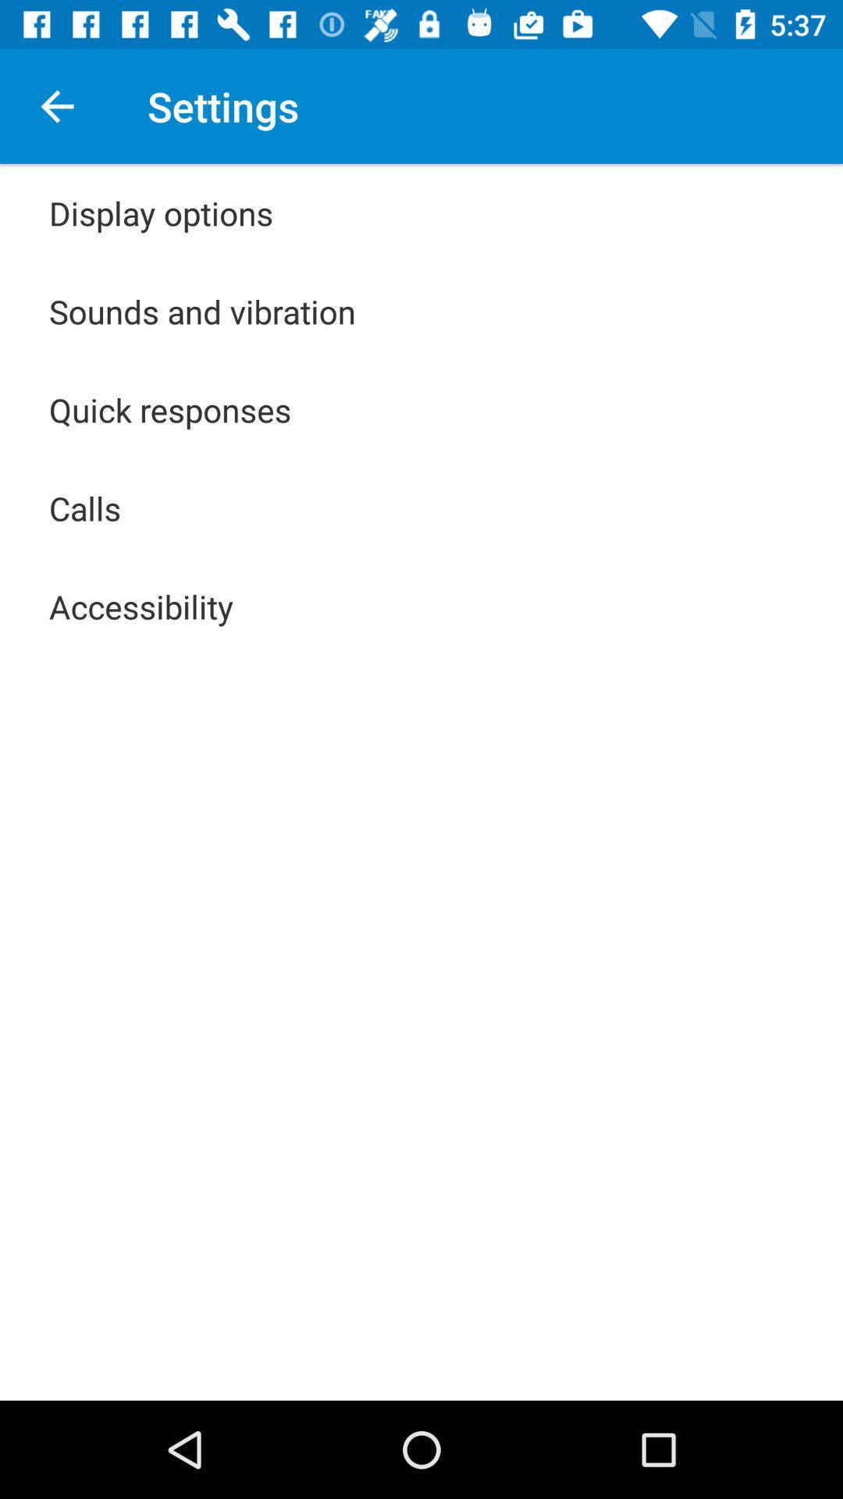  I want to click on the display options icon, so click(161, 212).